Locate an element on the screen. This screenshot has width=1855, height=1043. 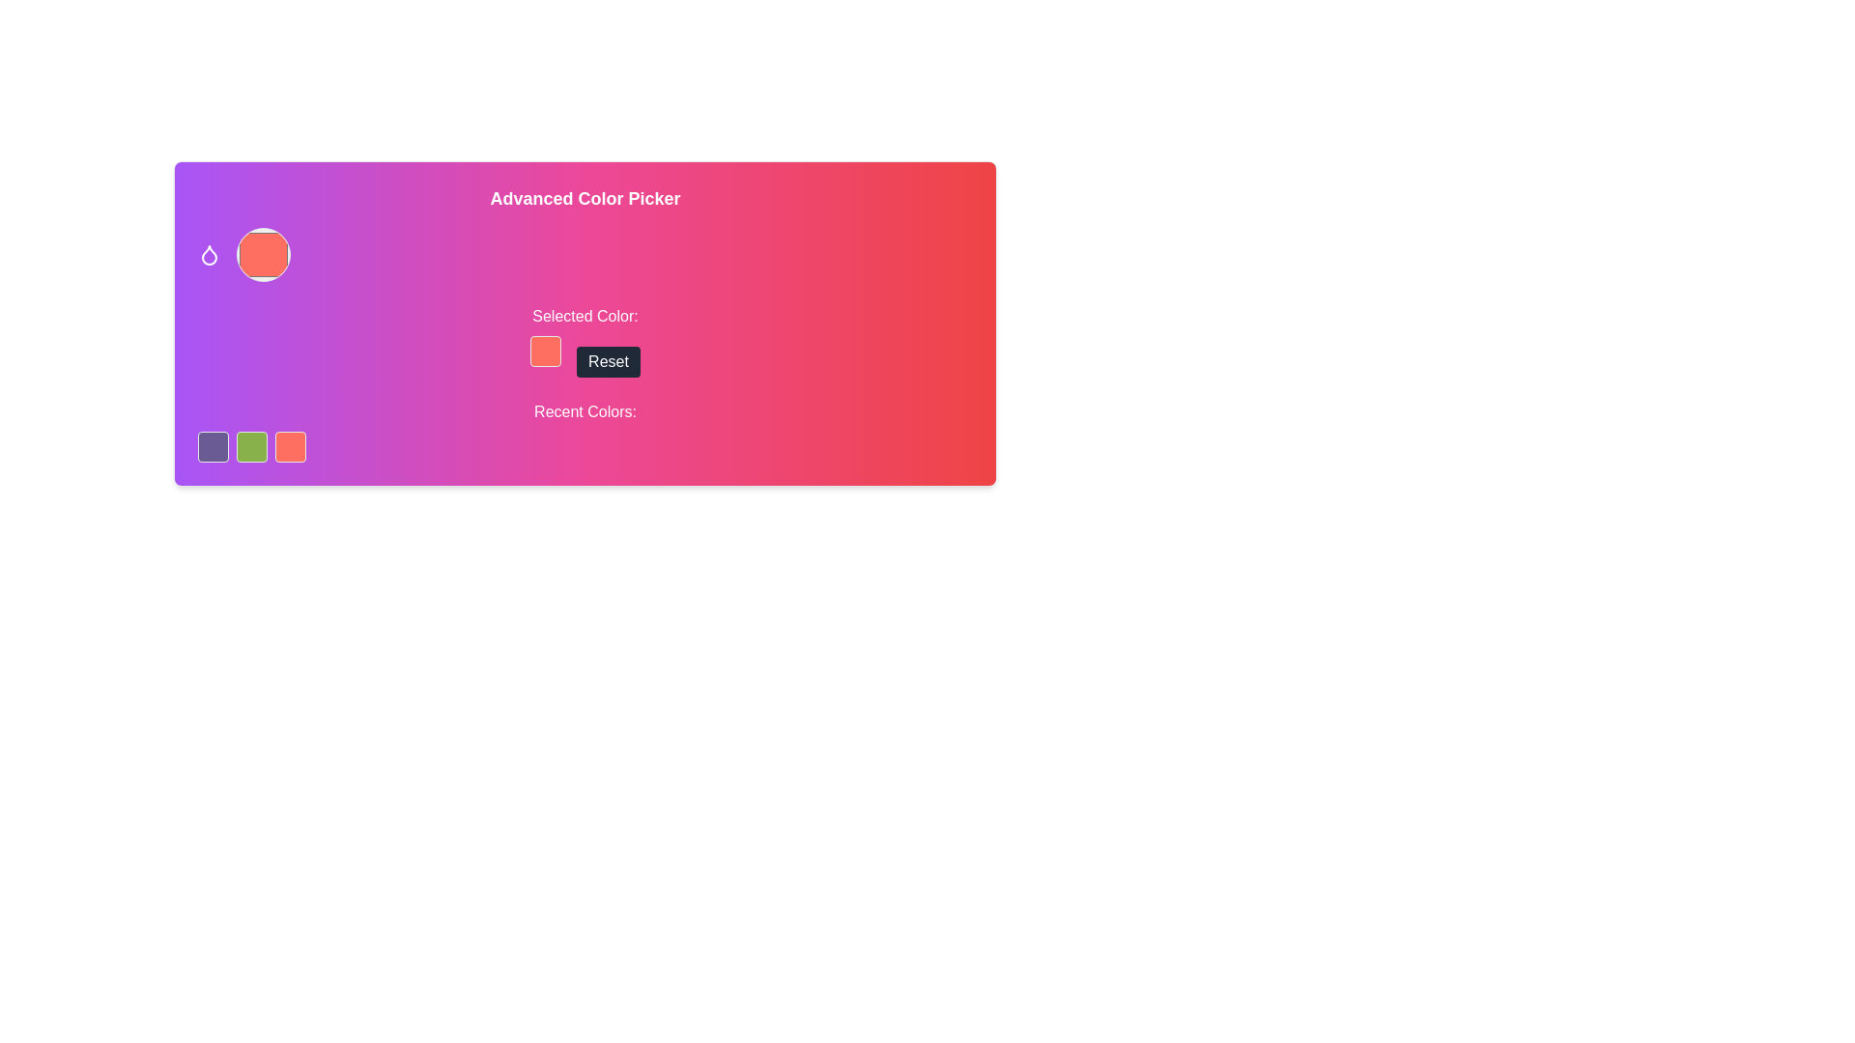
the section header labeled 'Recent Colors:' which is styled with white text on a gradient background transitioning from purple to red, located within the 'Advanced Color Picker' section and above the clickable color boxes is located at coordinates (584, 431).